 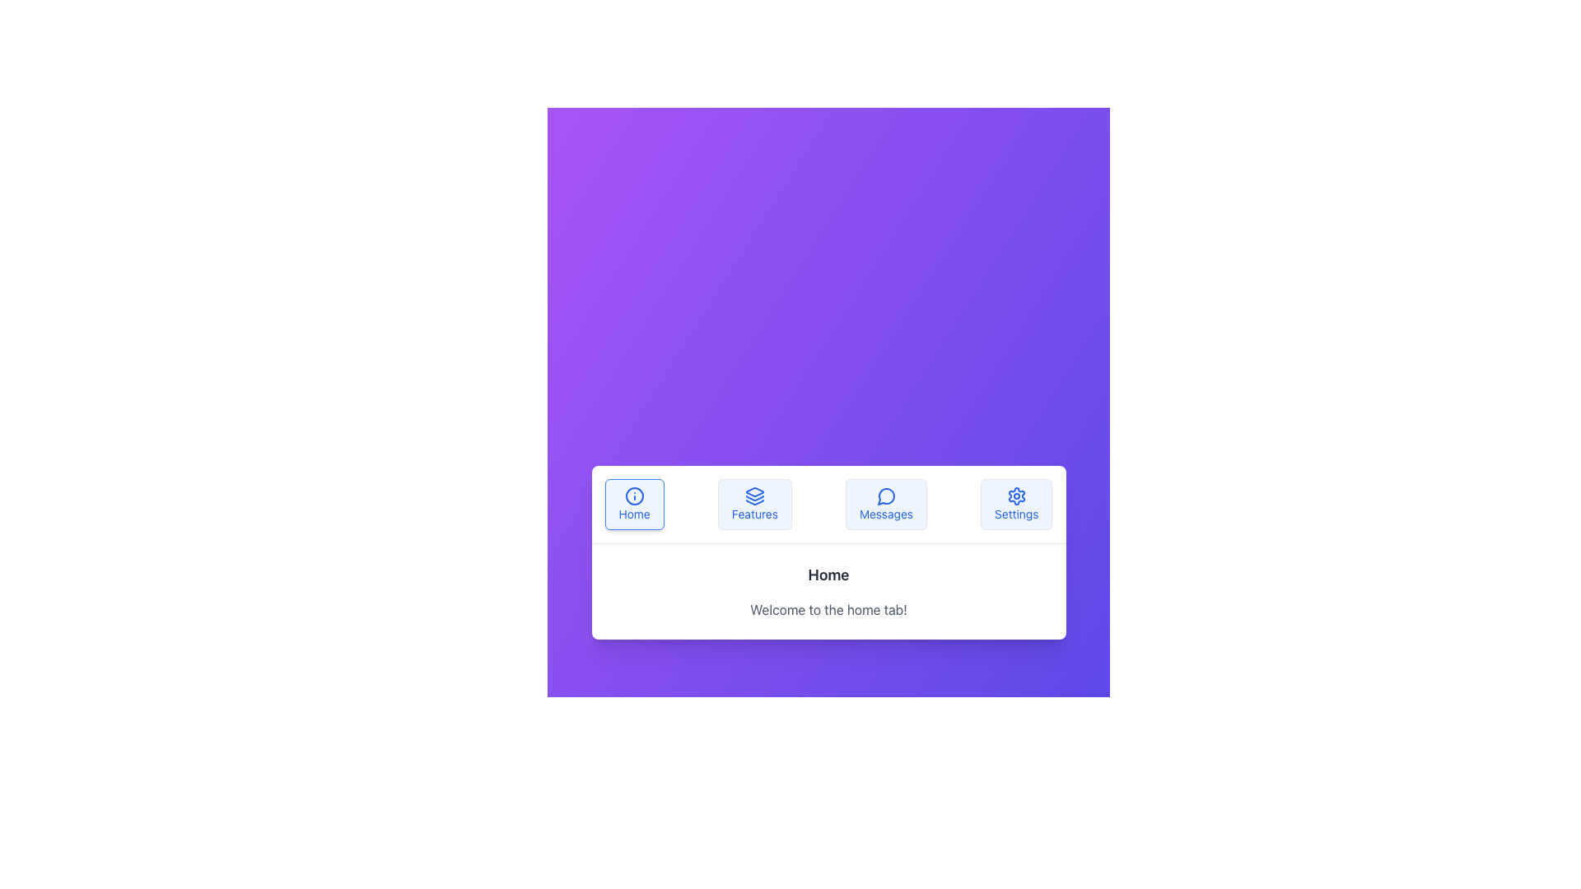 I want to click on the third interactive button labeled 'Messages' in the bottom widget, so click(x=885, y=503).